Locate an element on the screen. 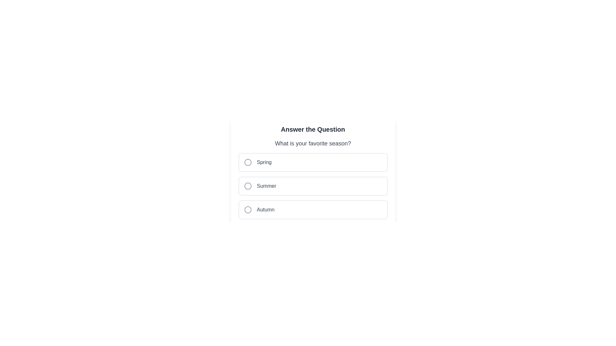  the 'Summer' radio button is located at coordinates (313, 186).